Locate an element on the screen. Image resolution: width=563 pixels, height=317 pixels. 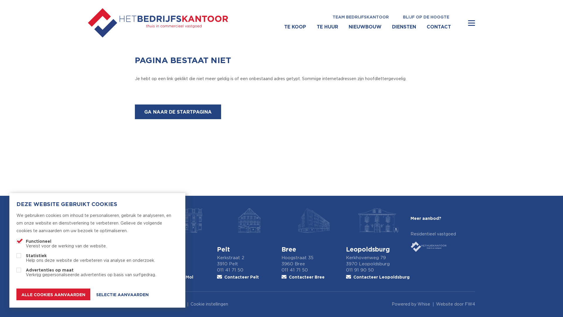
'TEAM BEDRIJFSKANTOOR' is located at coordinates (325, 16).